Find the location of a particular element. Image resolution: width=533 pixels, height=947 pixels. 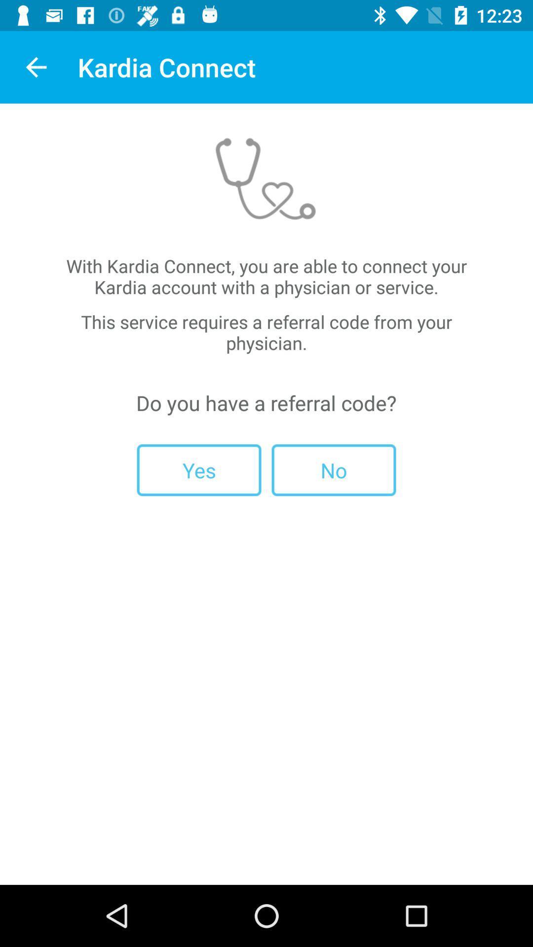

the item to the right of yes is located at coordinates (333, 470).